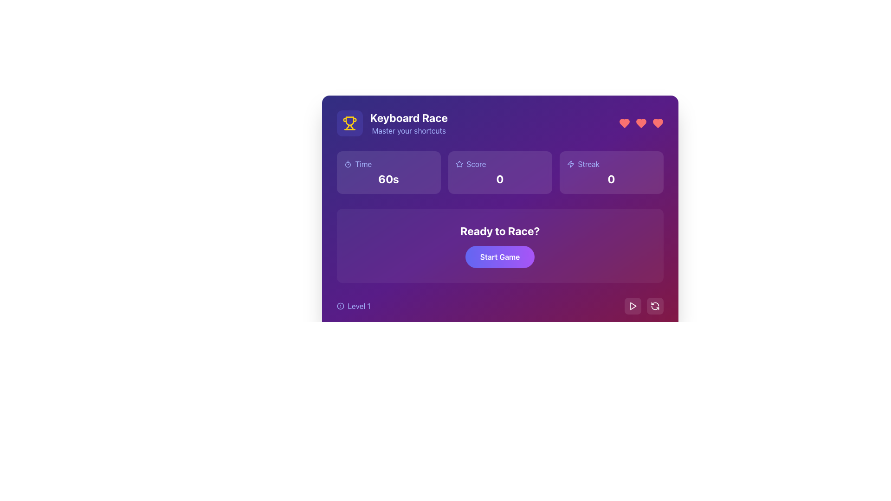 This screenshot has height=501, width=891. What do you see at coordinates (476, 164) in the screenshot?
I see `the 'Score' text label, which is positioned in the top-middle section of the interface, next to a star icon and a numerical display` at bounding box center [476, 164].